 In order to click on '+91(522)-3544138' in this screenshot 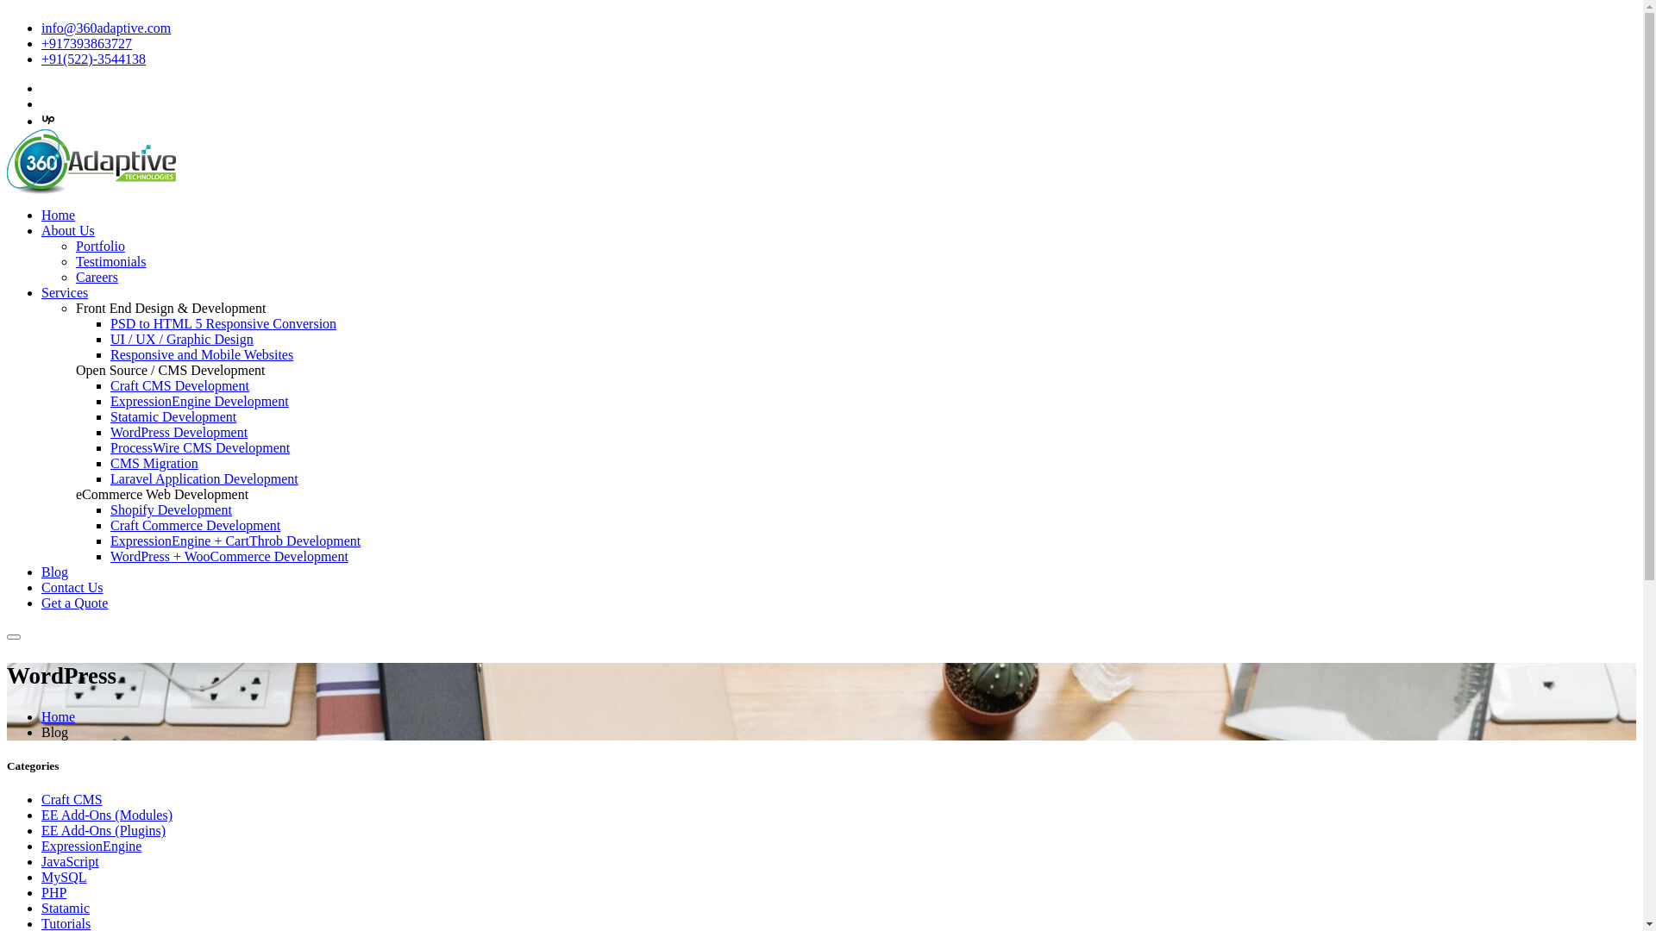, I will do `click(41, 58)`.